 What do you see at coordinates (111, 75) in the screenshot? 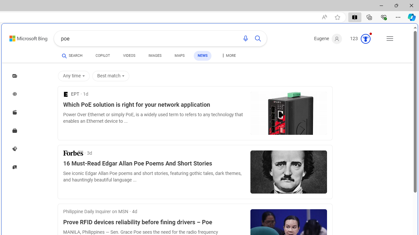
I see `'Best match'` at bounding box center [111, 75].